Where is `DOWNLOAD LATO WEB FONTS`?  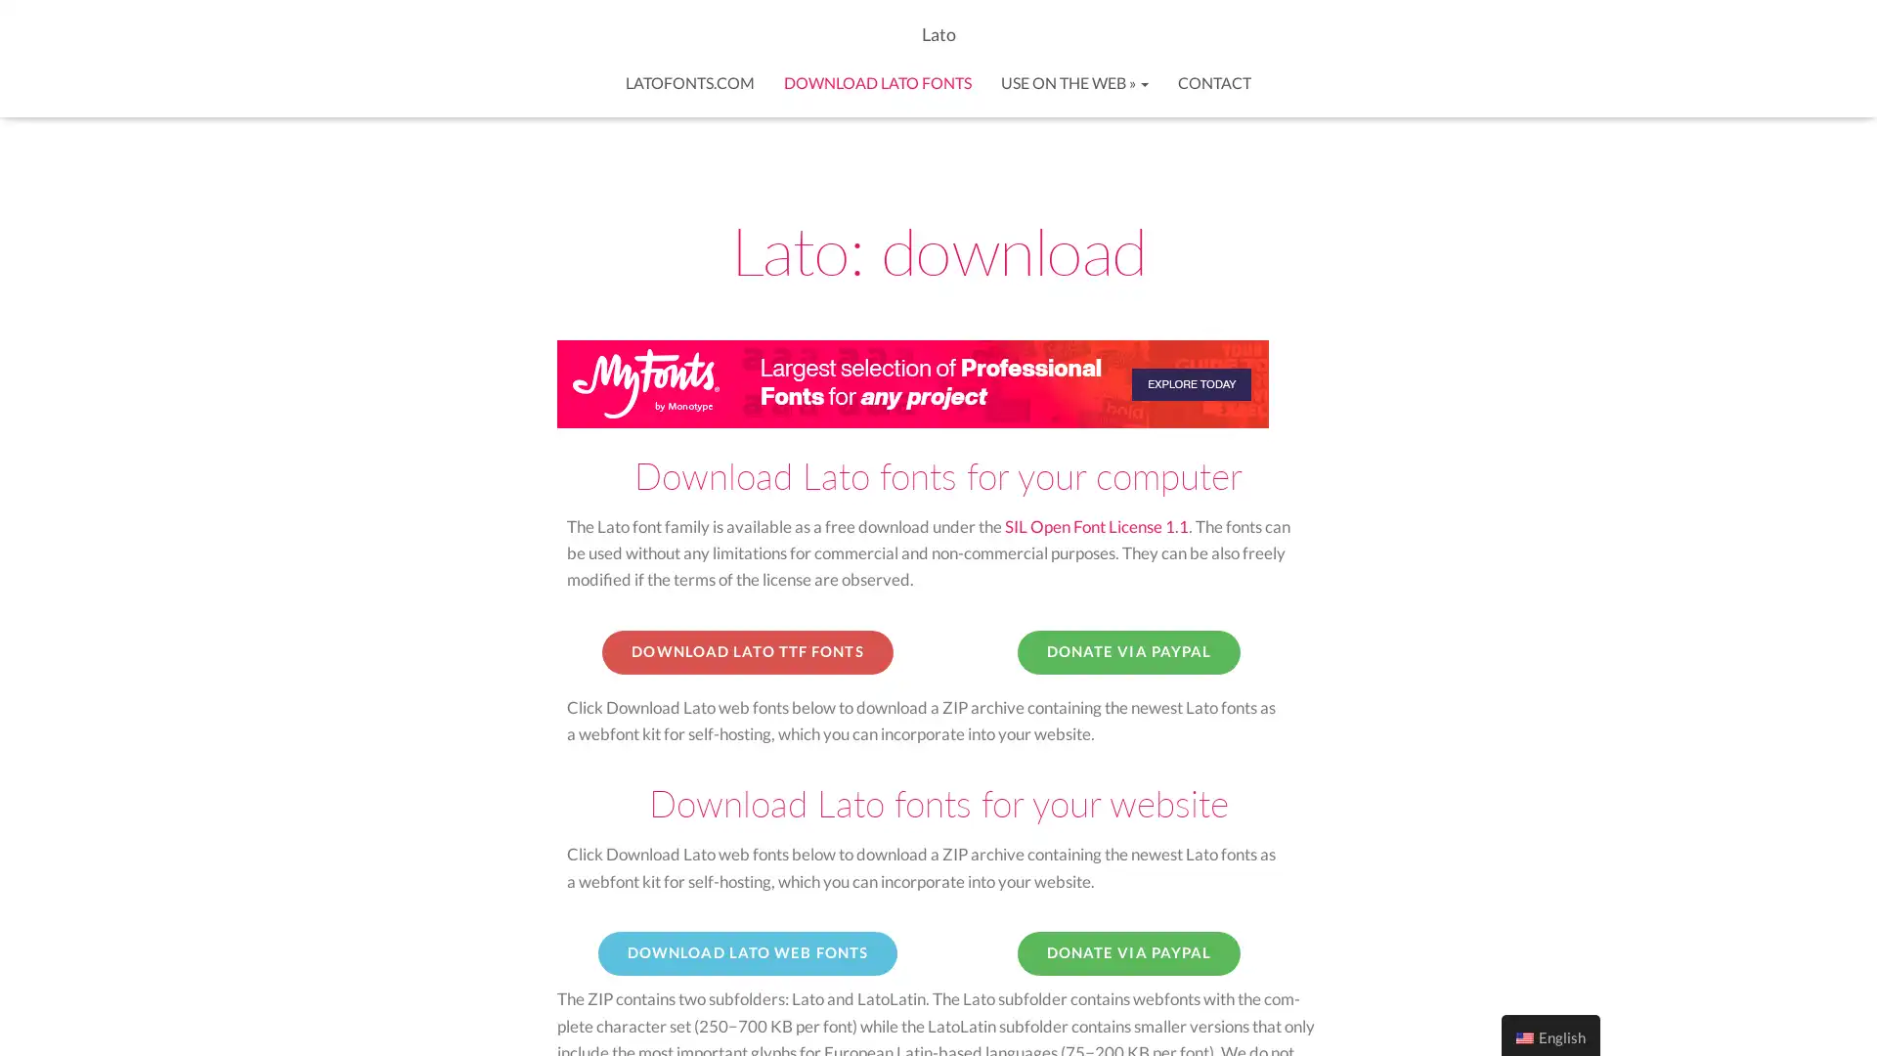
DOWNLOAD LATO WEB FONTS is located at coordinates (746, 952).